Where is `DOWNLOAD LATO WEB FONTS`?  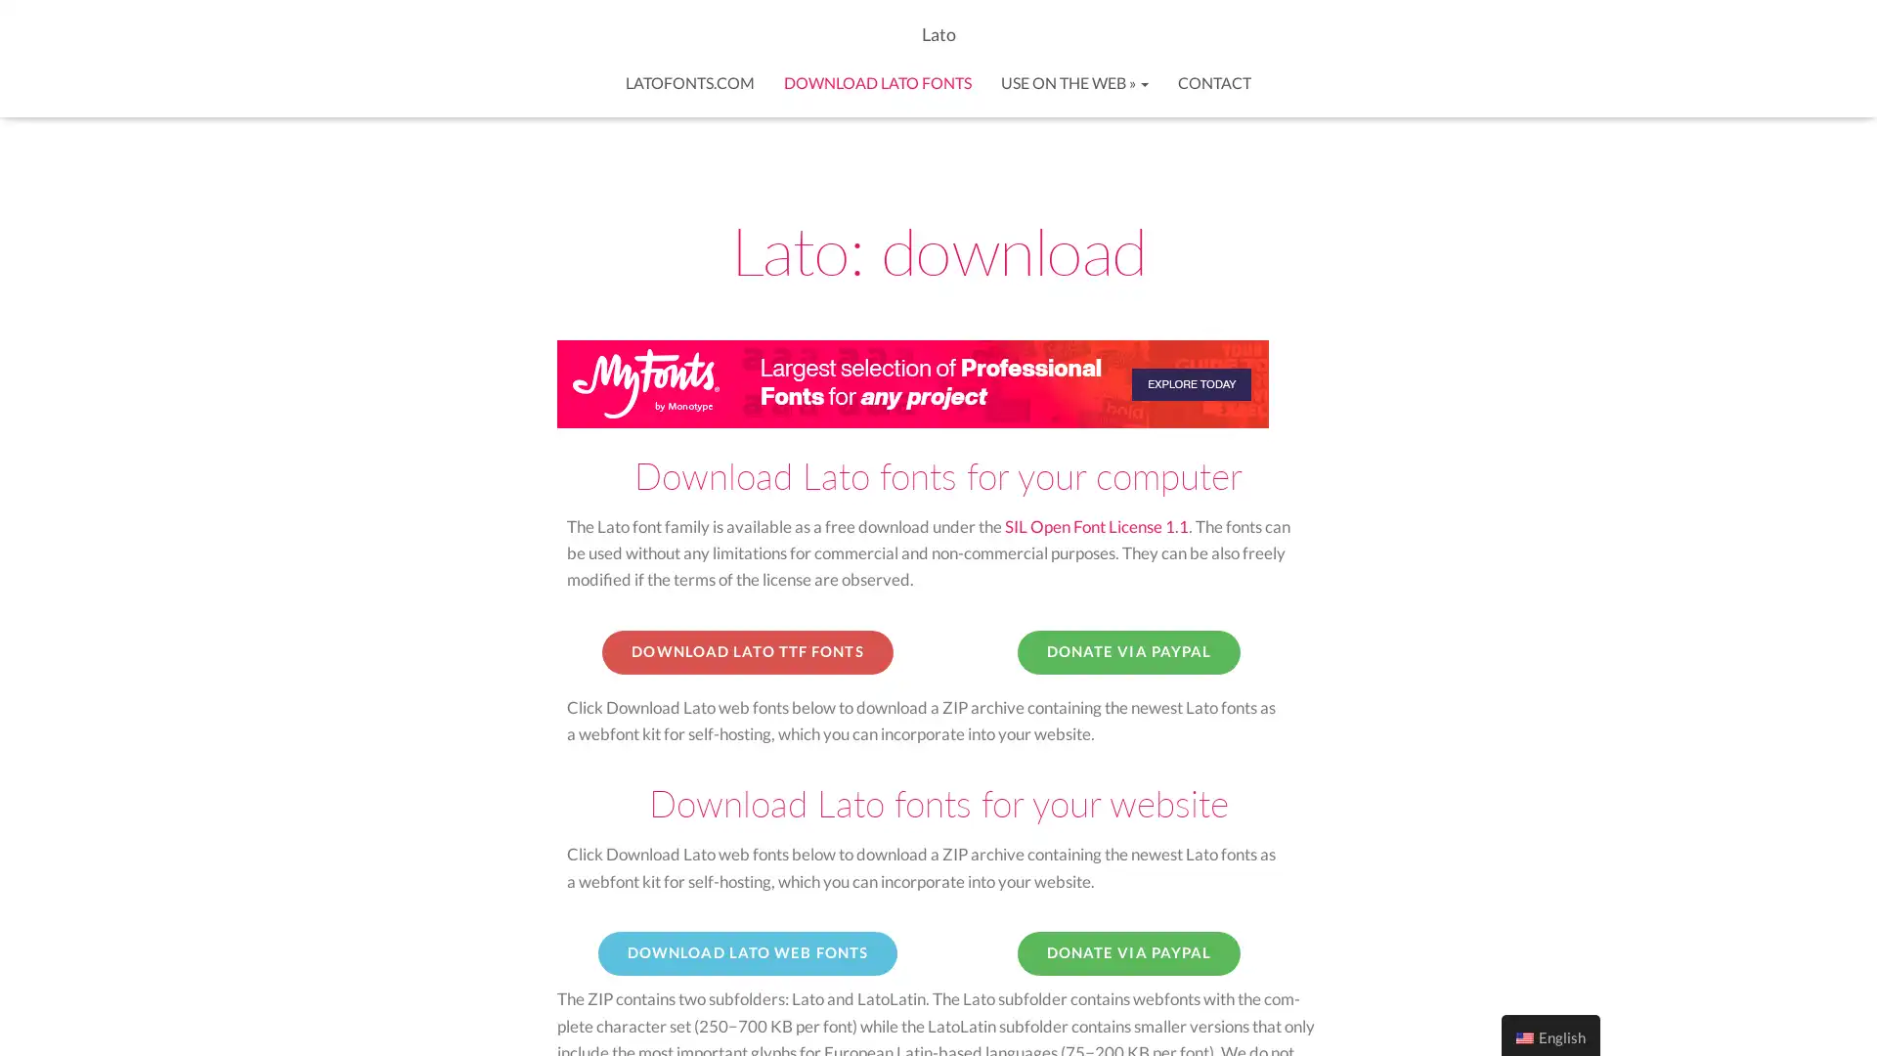
DOWNLOAD LATO WEB FONTS is located at coordinates (746, 952).